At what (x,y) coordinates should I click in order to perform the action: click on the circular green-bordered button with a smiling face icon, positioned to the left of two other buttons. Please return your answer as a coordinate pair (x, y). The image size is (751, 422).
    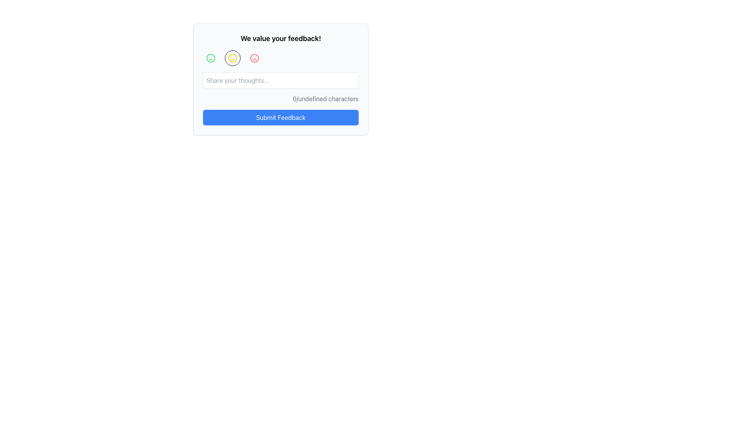
    Looking at the image, I should click on (210, 58).